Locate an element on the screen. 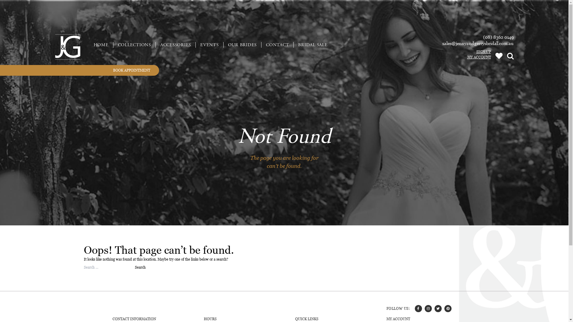  'HOME' is located at coordinates (88, 44).